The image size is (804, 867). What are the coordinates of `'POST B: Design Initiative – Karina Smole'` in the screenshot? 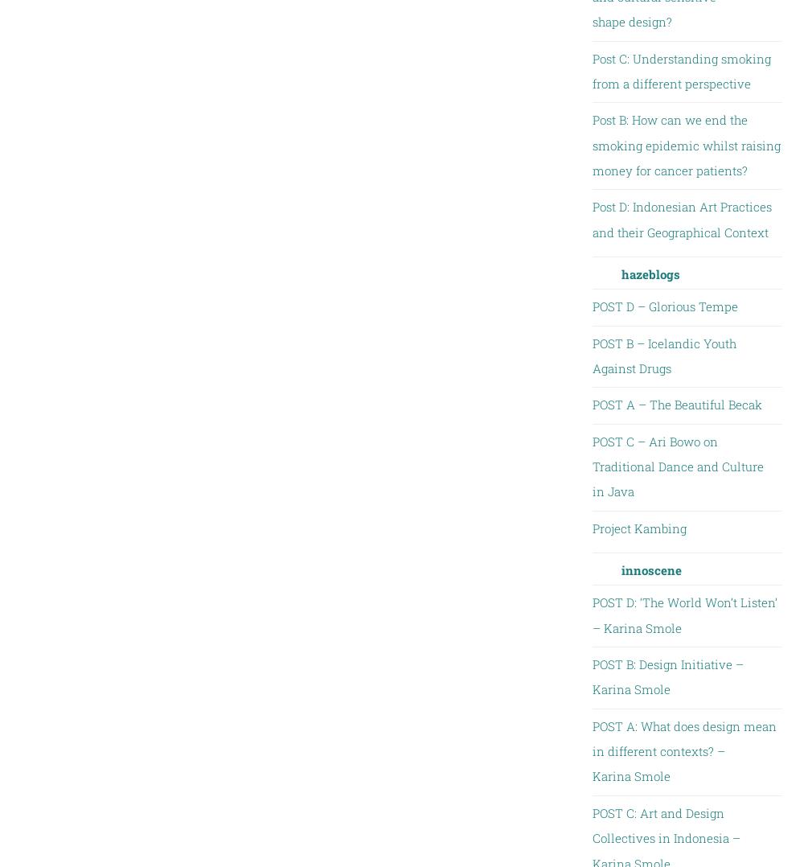 It's located at (591, 676).